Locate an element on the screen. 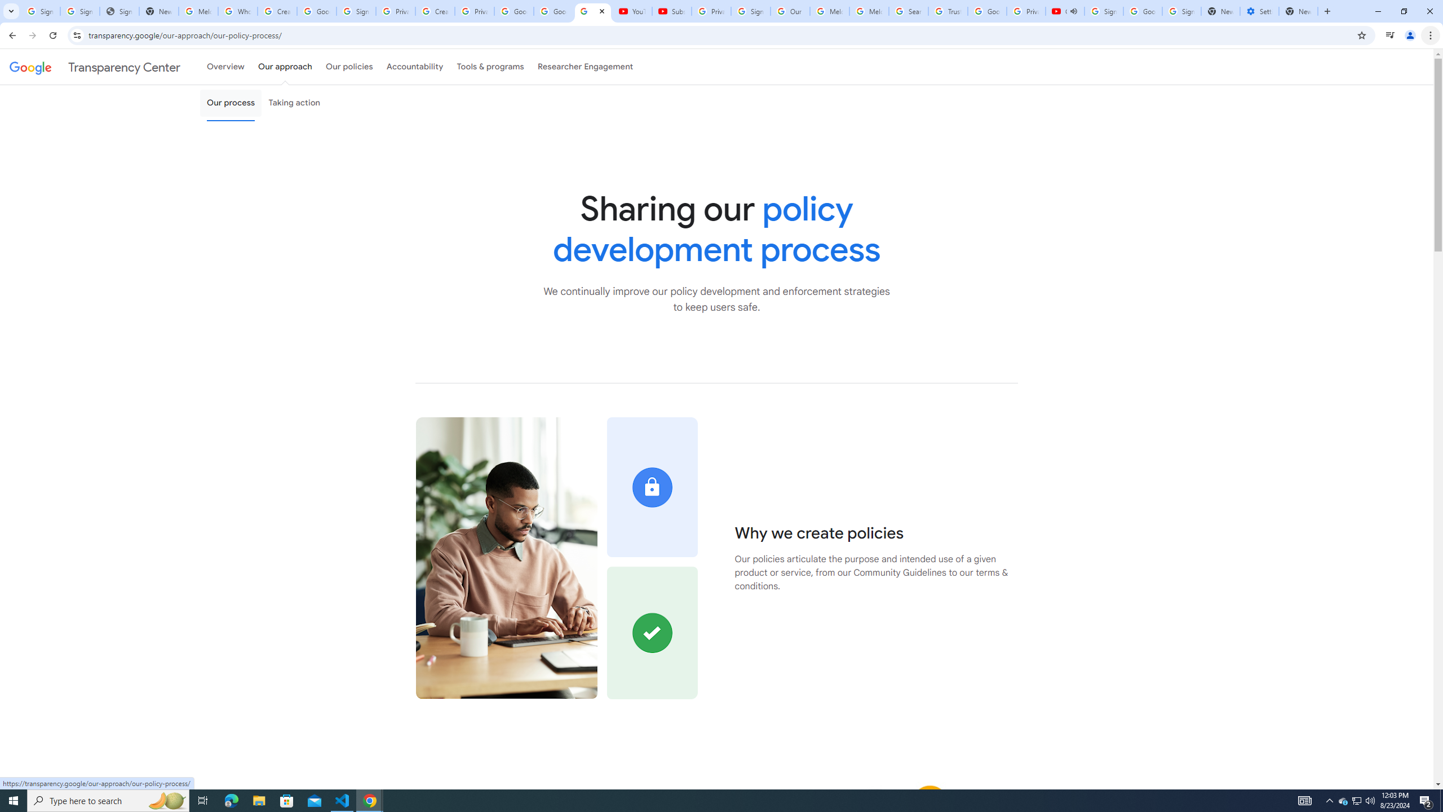 Image resolution: width=1443 pixels, height=812 pixels. 'Trusted Information and Content - Google Safety Center' is located at coordinates (947, 11).